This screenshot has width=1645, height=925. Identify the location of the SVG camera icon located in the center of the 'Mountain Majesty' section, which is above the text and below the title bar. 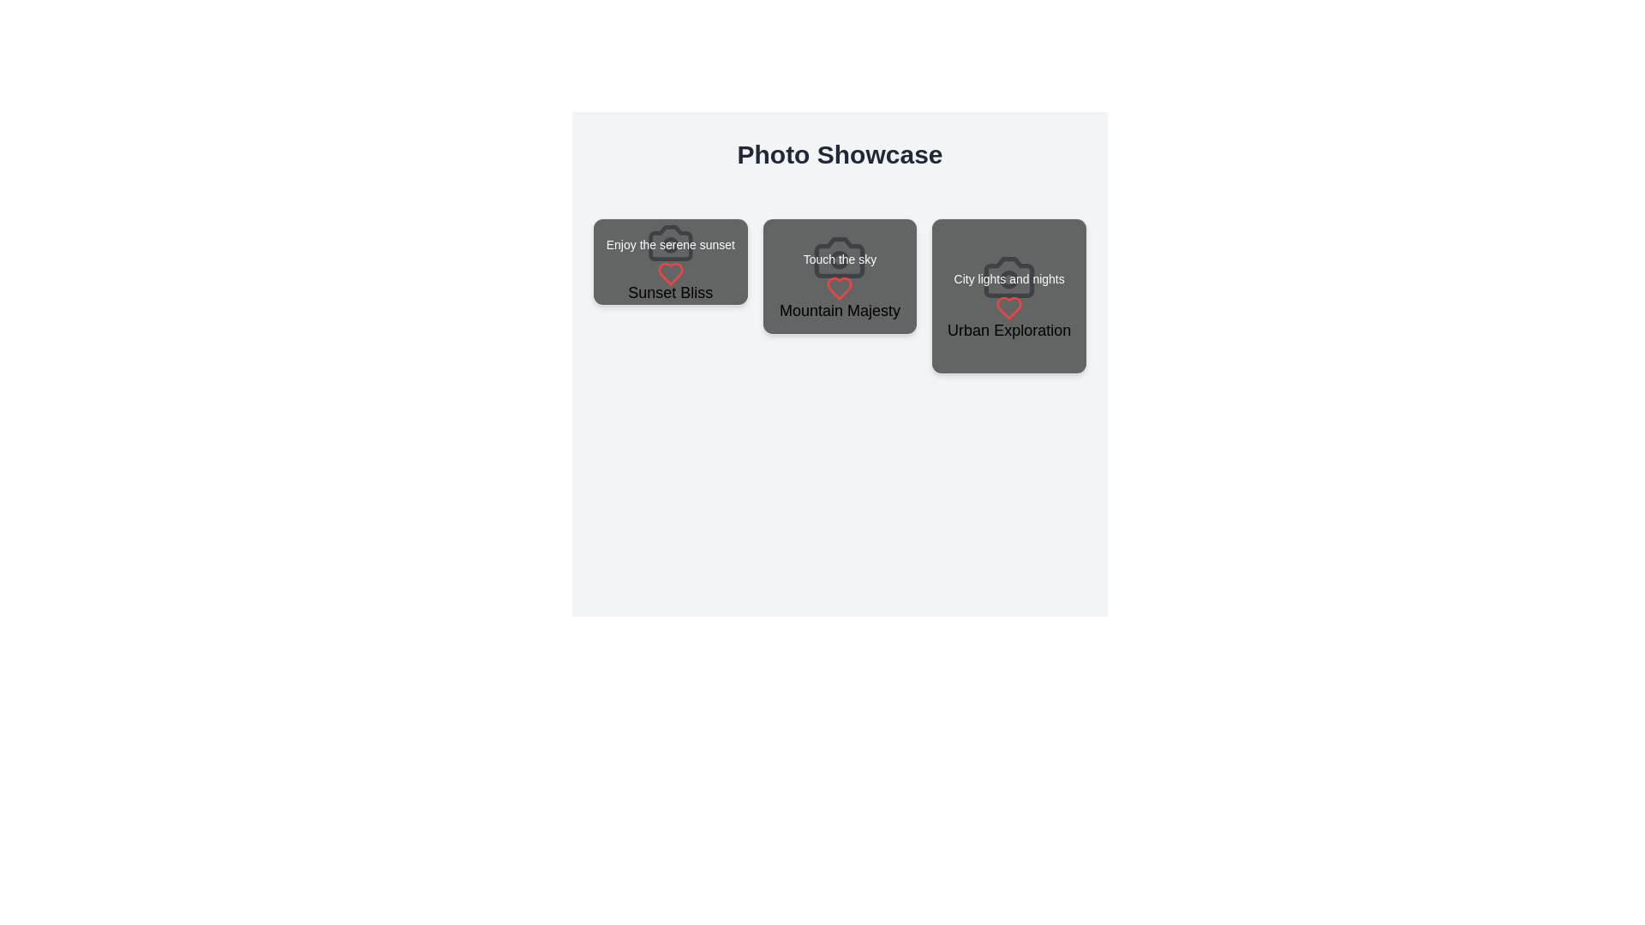
(840, 258).